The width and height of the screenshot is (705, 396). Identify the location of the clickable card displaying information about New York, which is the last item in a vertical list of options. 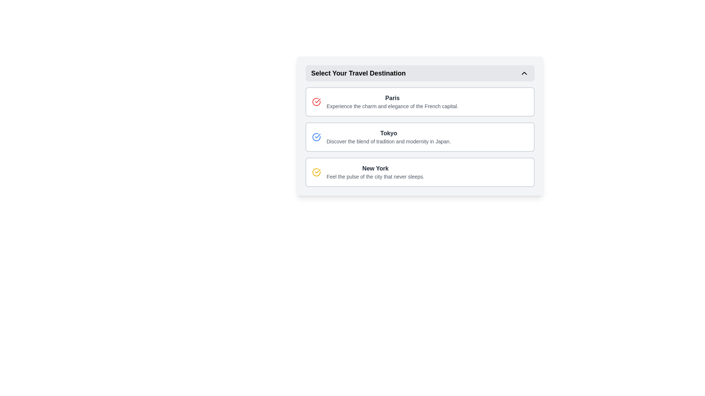
(420, 172).